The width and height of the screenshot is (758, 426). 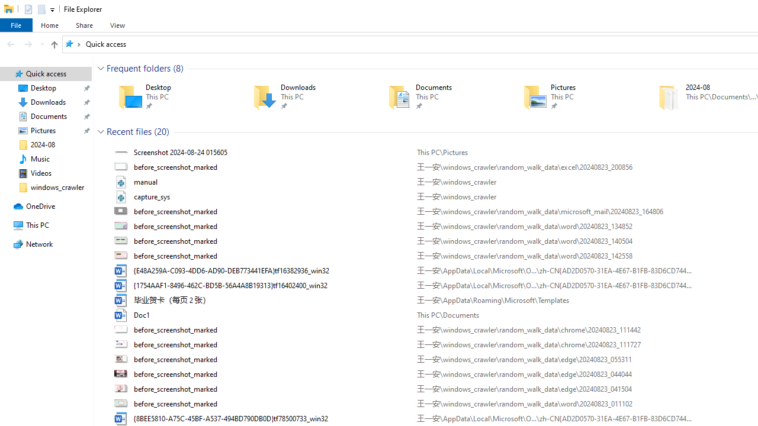 What do you see at coordinates (438, 96) in the screenshot?
I see `'Documents'` at bounding box center [438, 96].